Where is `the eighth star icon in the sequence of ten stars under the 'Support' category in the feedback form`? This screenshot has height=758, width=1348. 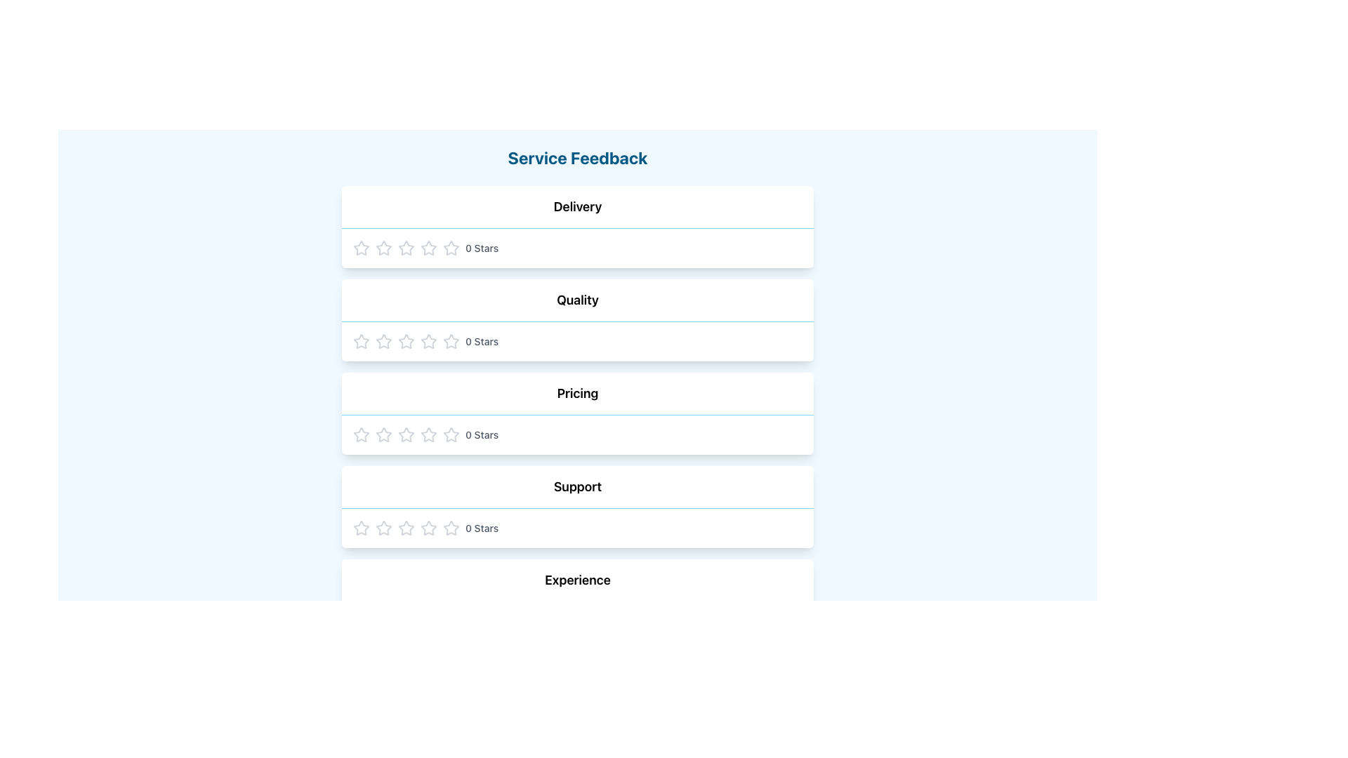
the eighth star icon in the sequence of ten stars under the 'Support' category in the feedback form is located at coordinates (451, 528).